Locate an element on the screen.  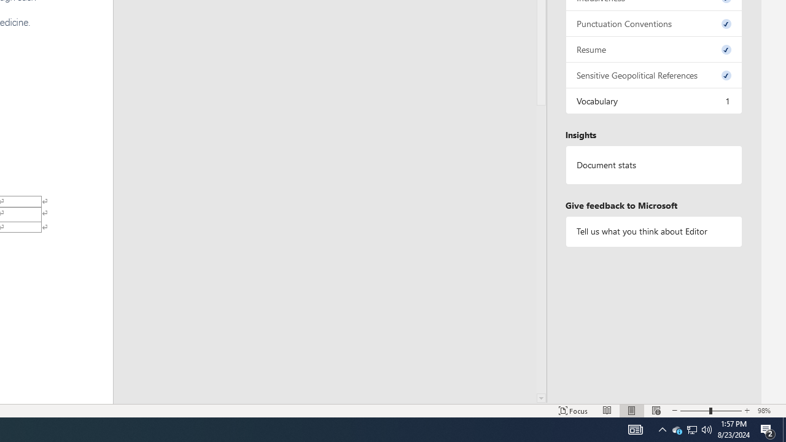
'Focus ' is located at coordinates (573, 411).